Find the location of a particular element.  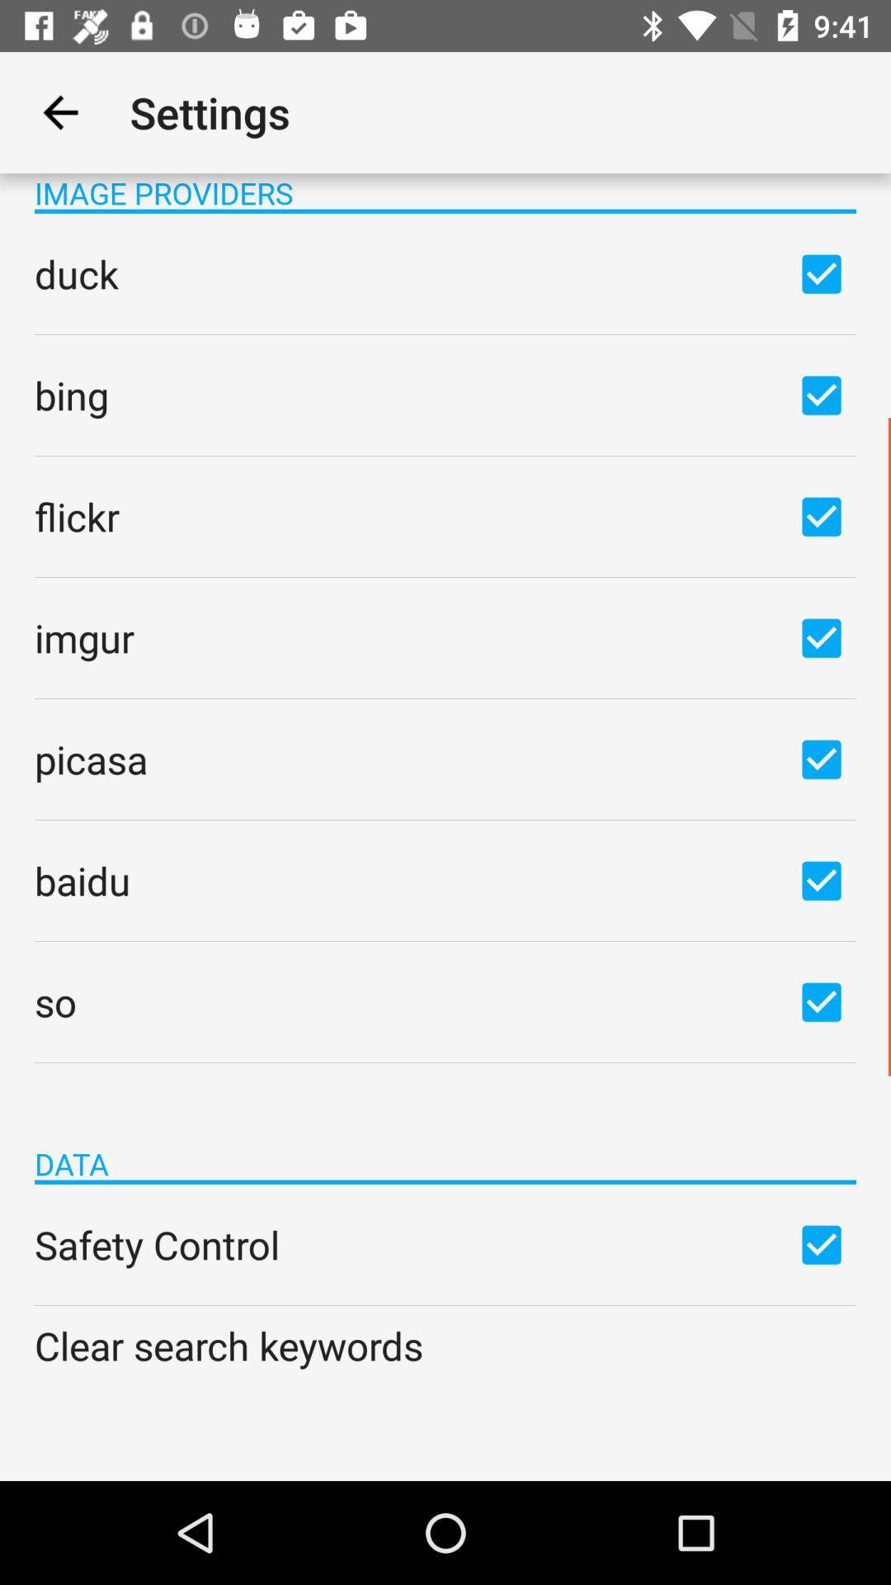

go back is located at coordinates (59, 111).